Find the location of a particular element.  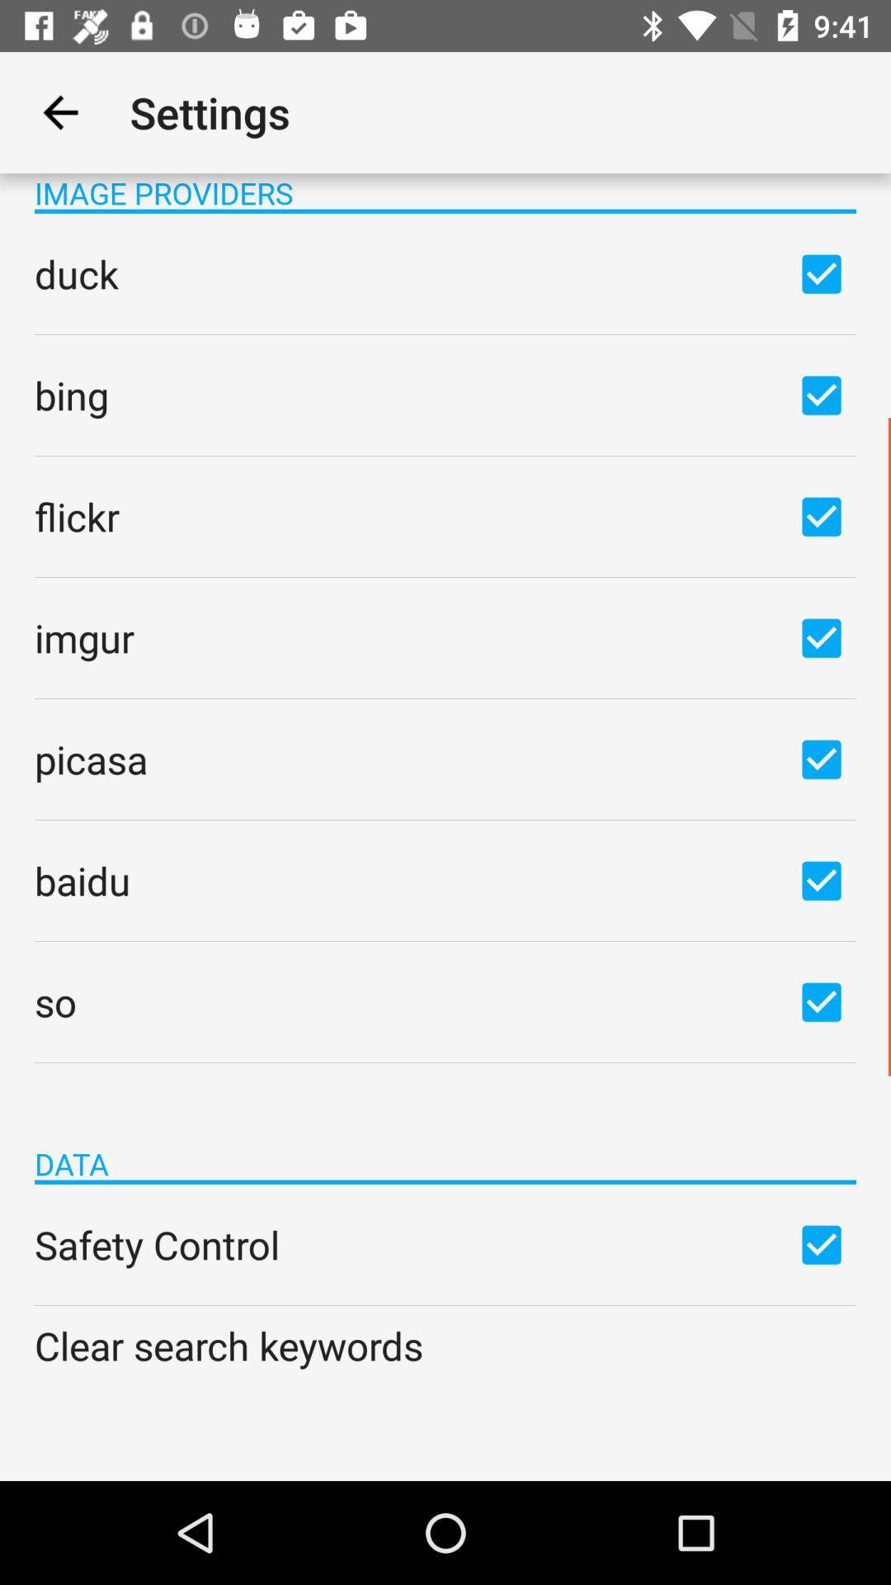

go back is located at coordinates (59, 111).